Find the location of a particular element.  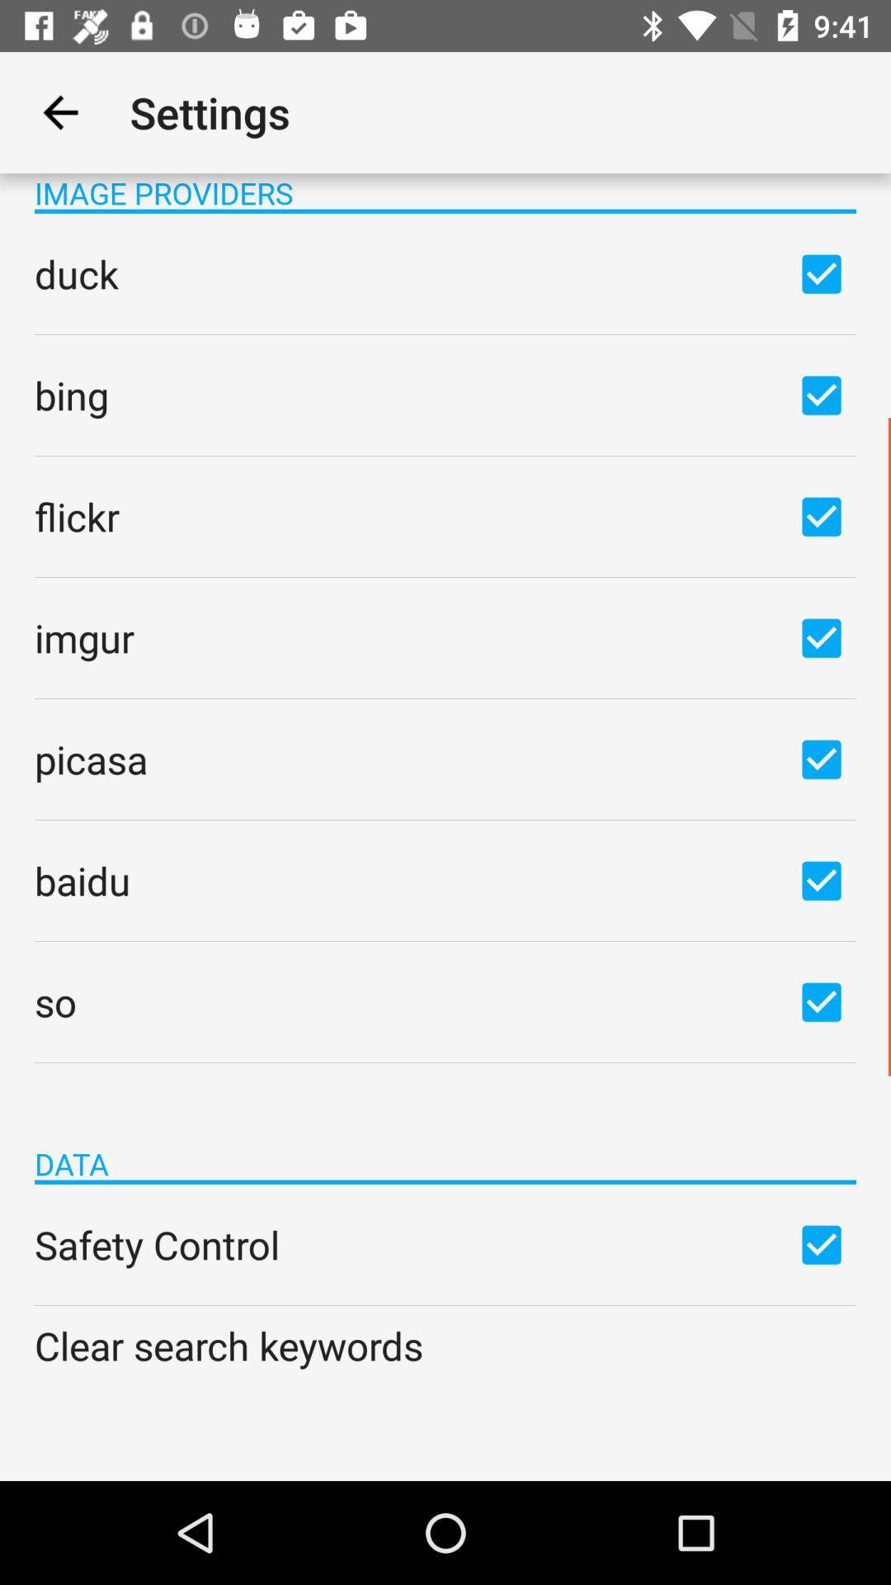

go back is located at coordinates (59, 111).